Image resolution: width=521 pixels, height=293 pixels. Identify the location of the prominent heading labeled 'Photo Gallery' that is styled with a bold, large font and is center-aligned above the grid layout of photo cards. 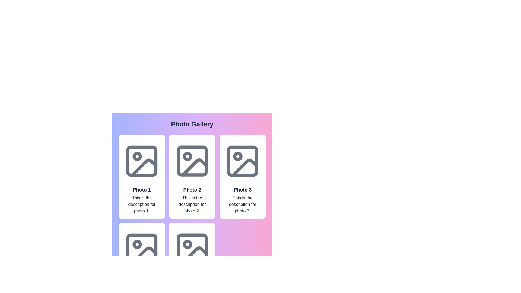
(192, 124).